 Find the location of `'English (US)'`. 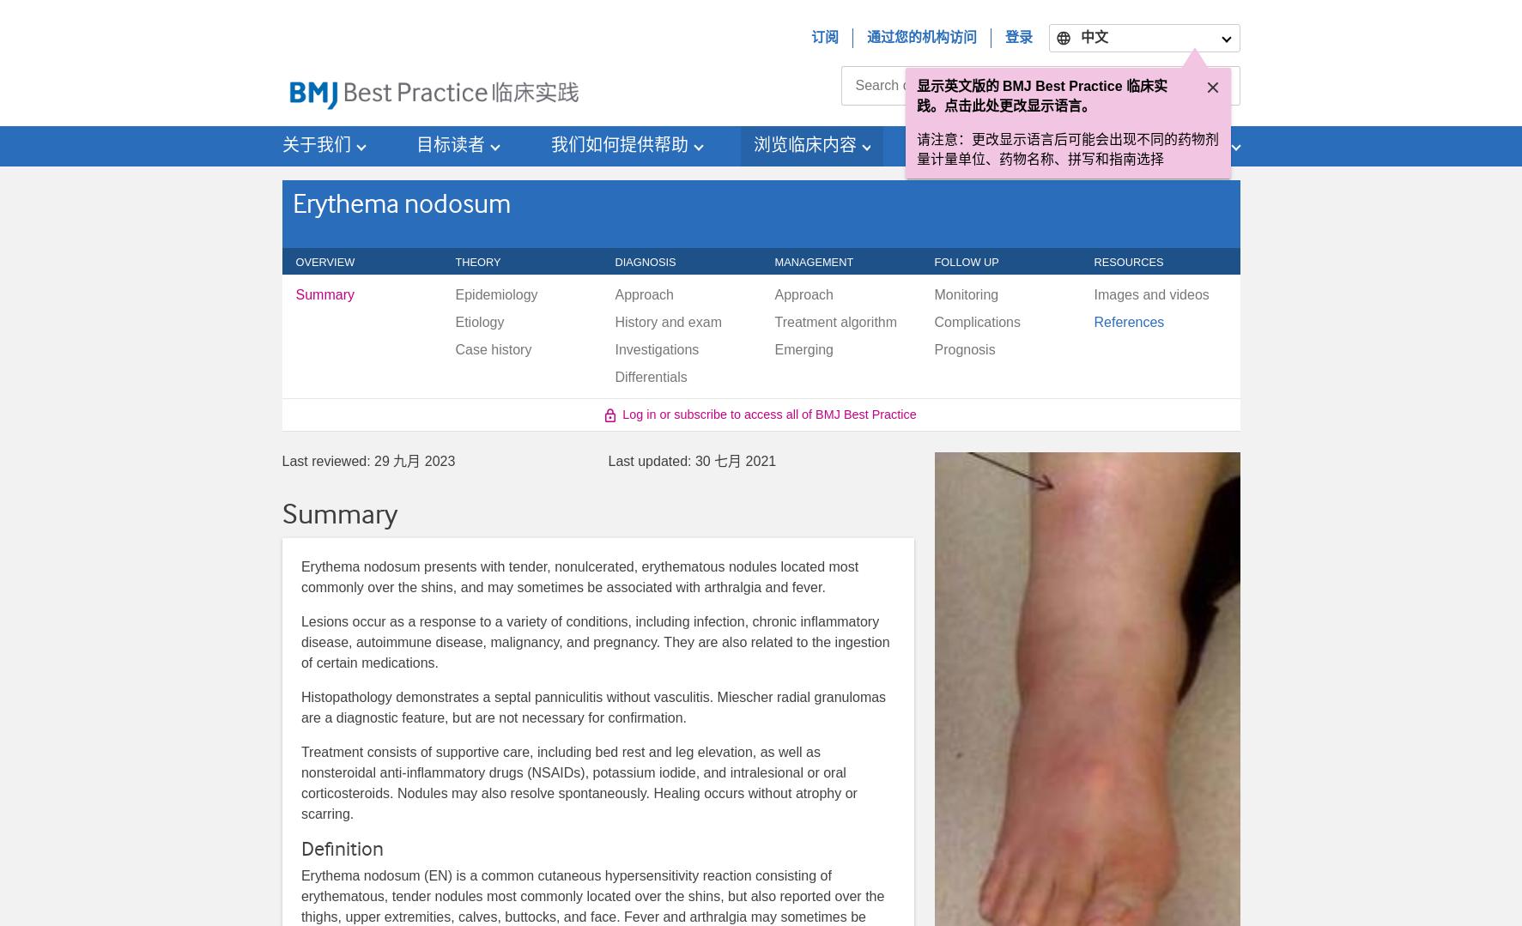

'English (US)' is located at coordinates (1115, 86).